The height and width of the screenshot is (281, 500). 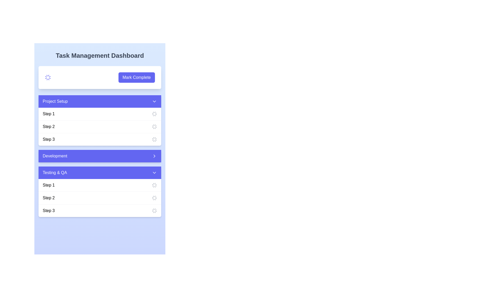 What do you see at coordinates (55, 173) in the screenshot?
I see `the Static text label containing 'Testing & QA', which is styled in bold white text on a blue background and is positioned below the 'Development' section header` at bounding box center [55, 173].